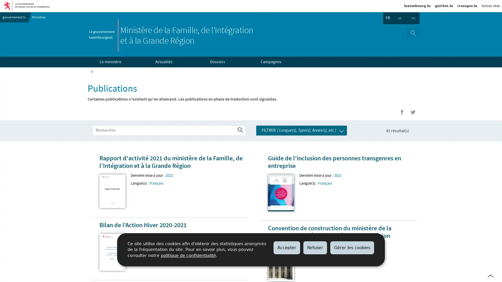 Image resolution: width=502 pixels, height=282 pixels. Describe the element at coordinates (301, 130) in the screenshot. I see `FILTRER  ( Langue(s), Type(s), Annee(s), etc.)` at that location.